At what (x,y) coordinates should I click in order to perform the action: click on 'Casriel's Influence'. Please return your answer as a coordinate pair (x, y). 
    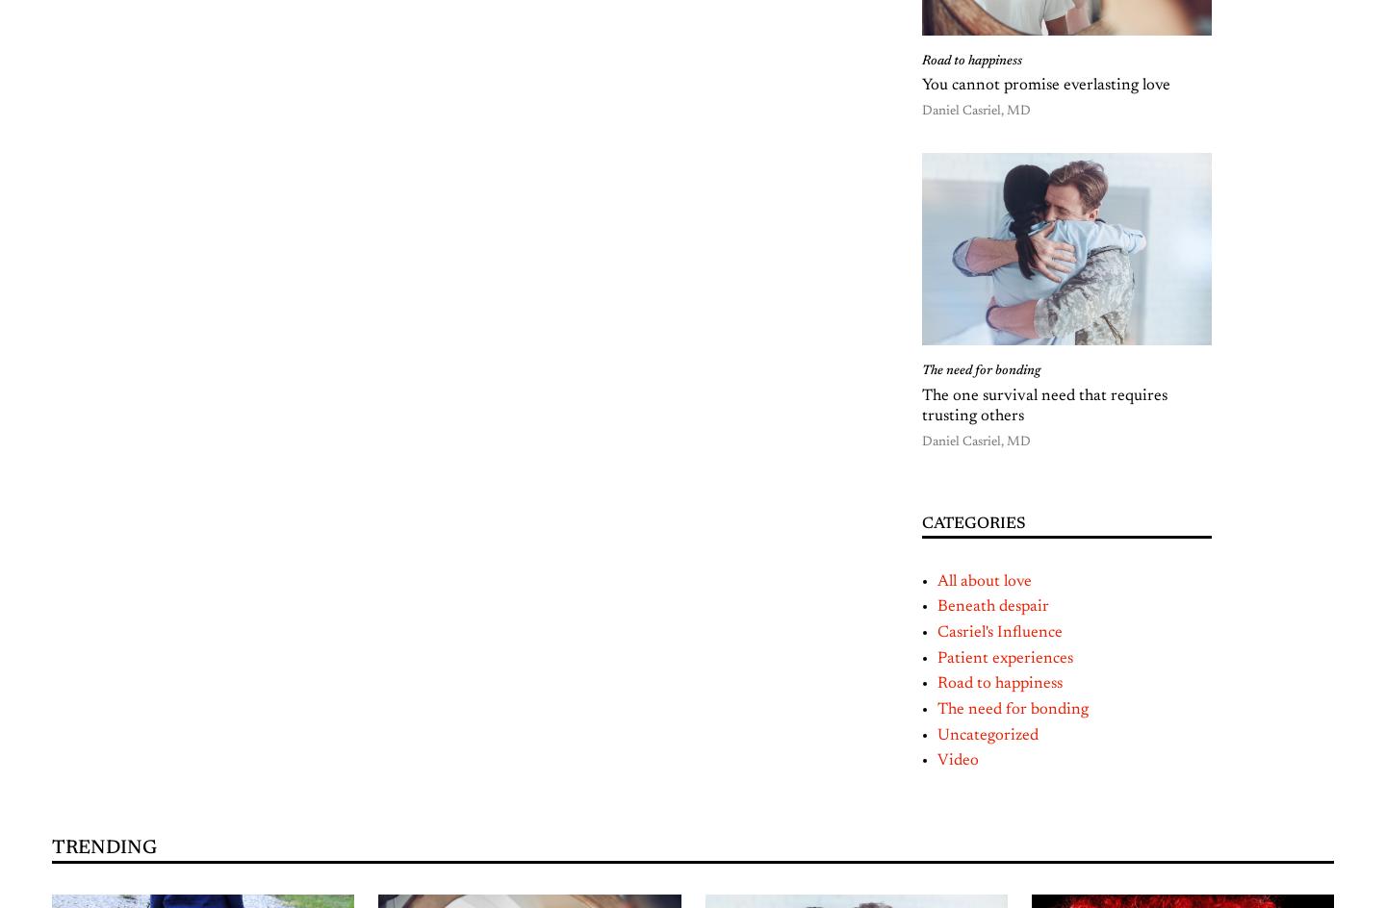
    Looking at the image, I should click on (937, 631).